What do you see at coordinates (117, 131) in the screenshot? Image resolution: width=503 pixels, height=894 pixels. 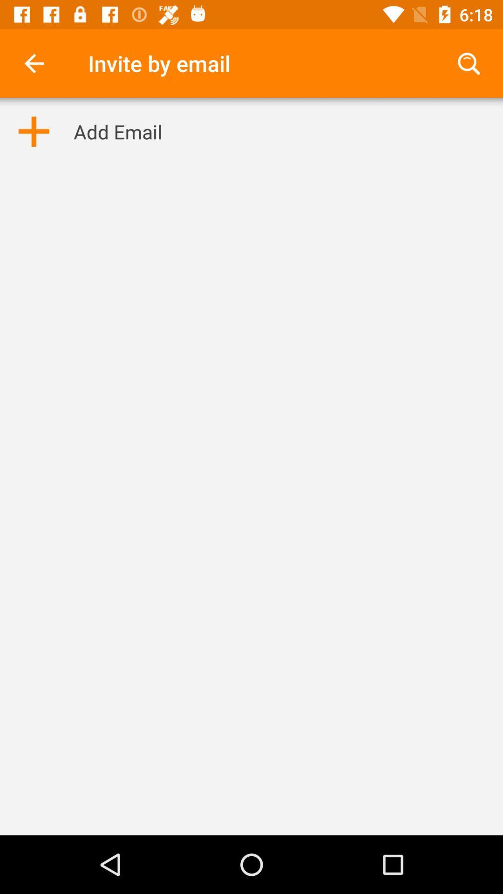 I see `the add email item` at bounding box center [117, 131].